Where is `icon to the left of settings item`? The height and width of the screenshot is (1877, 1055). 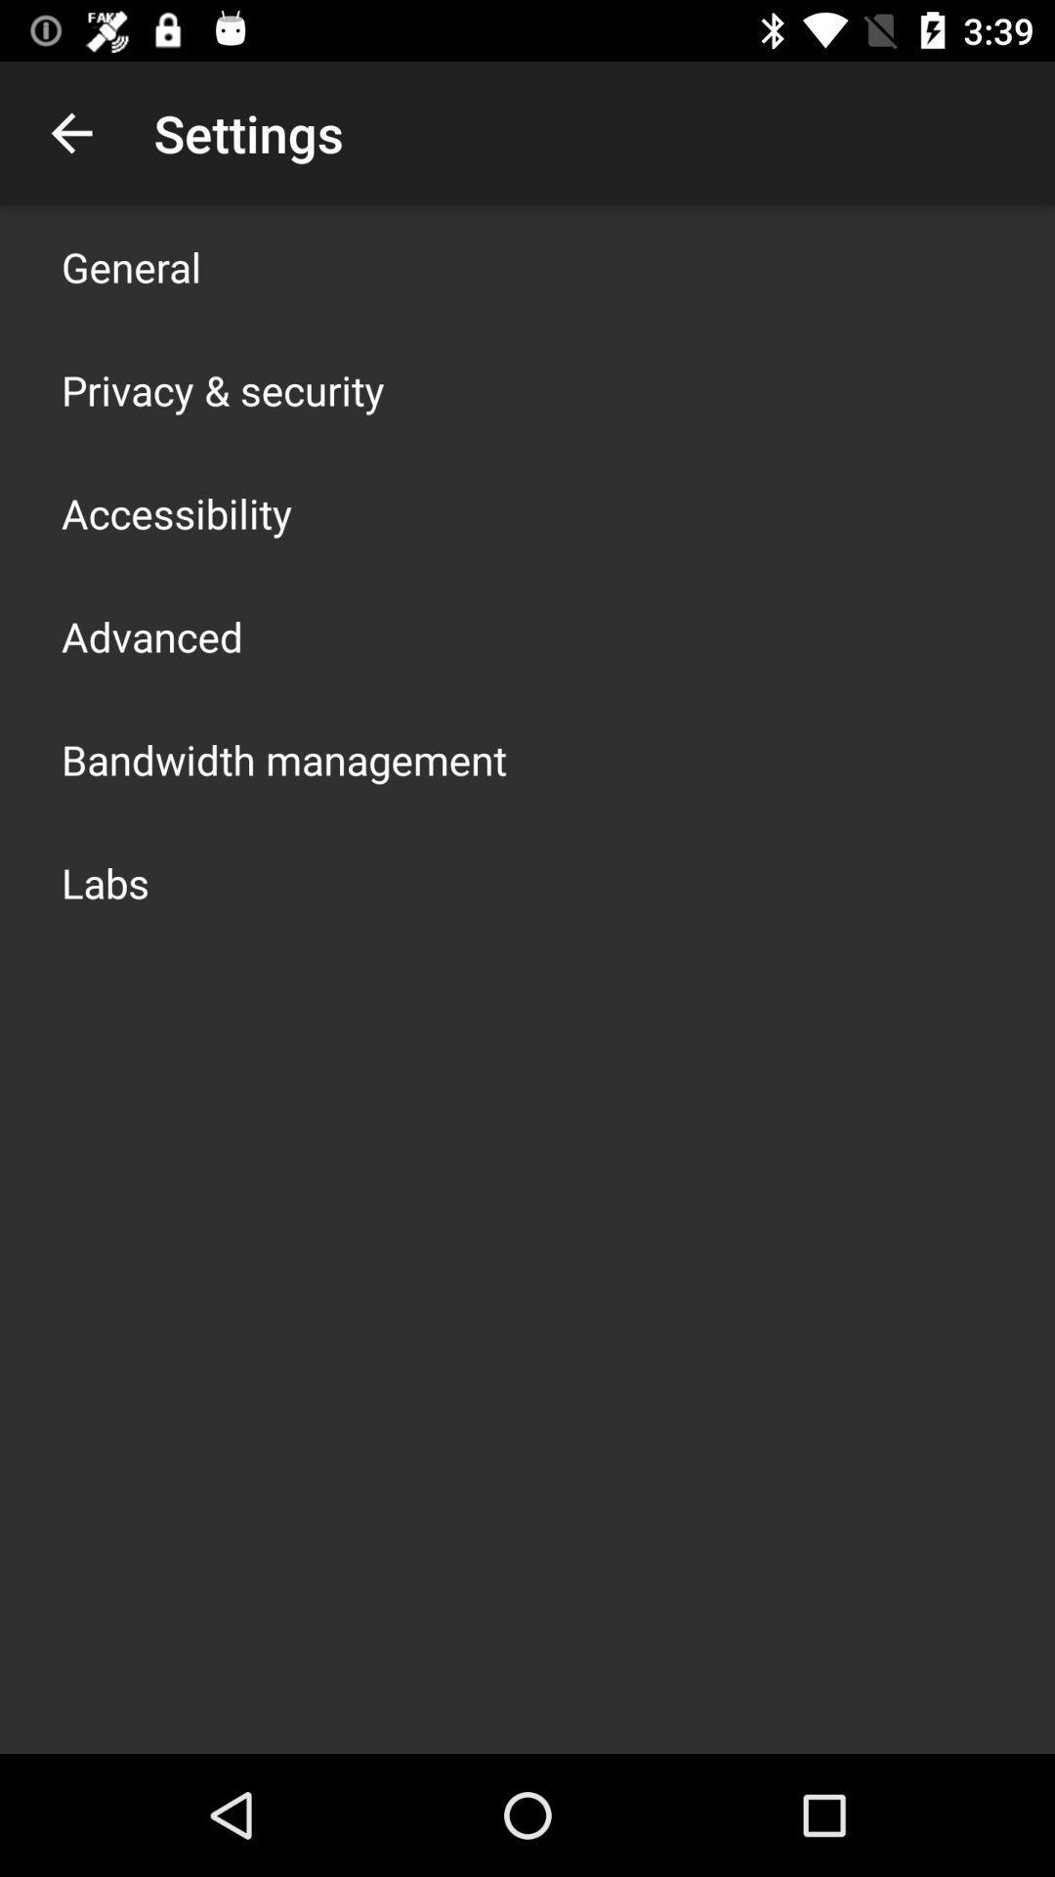
icon to the left of settings item is located at coordinates (70, 132).